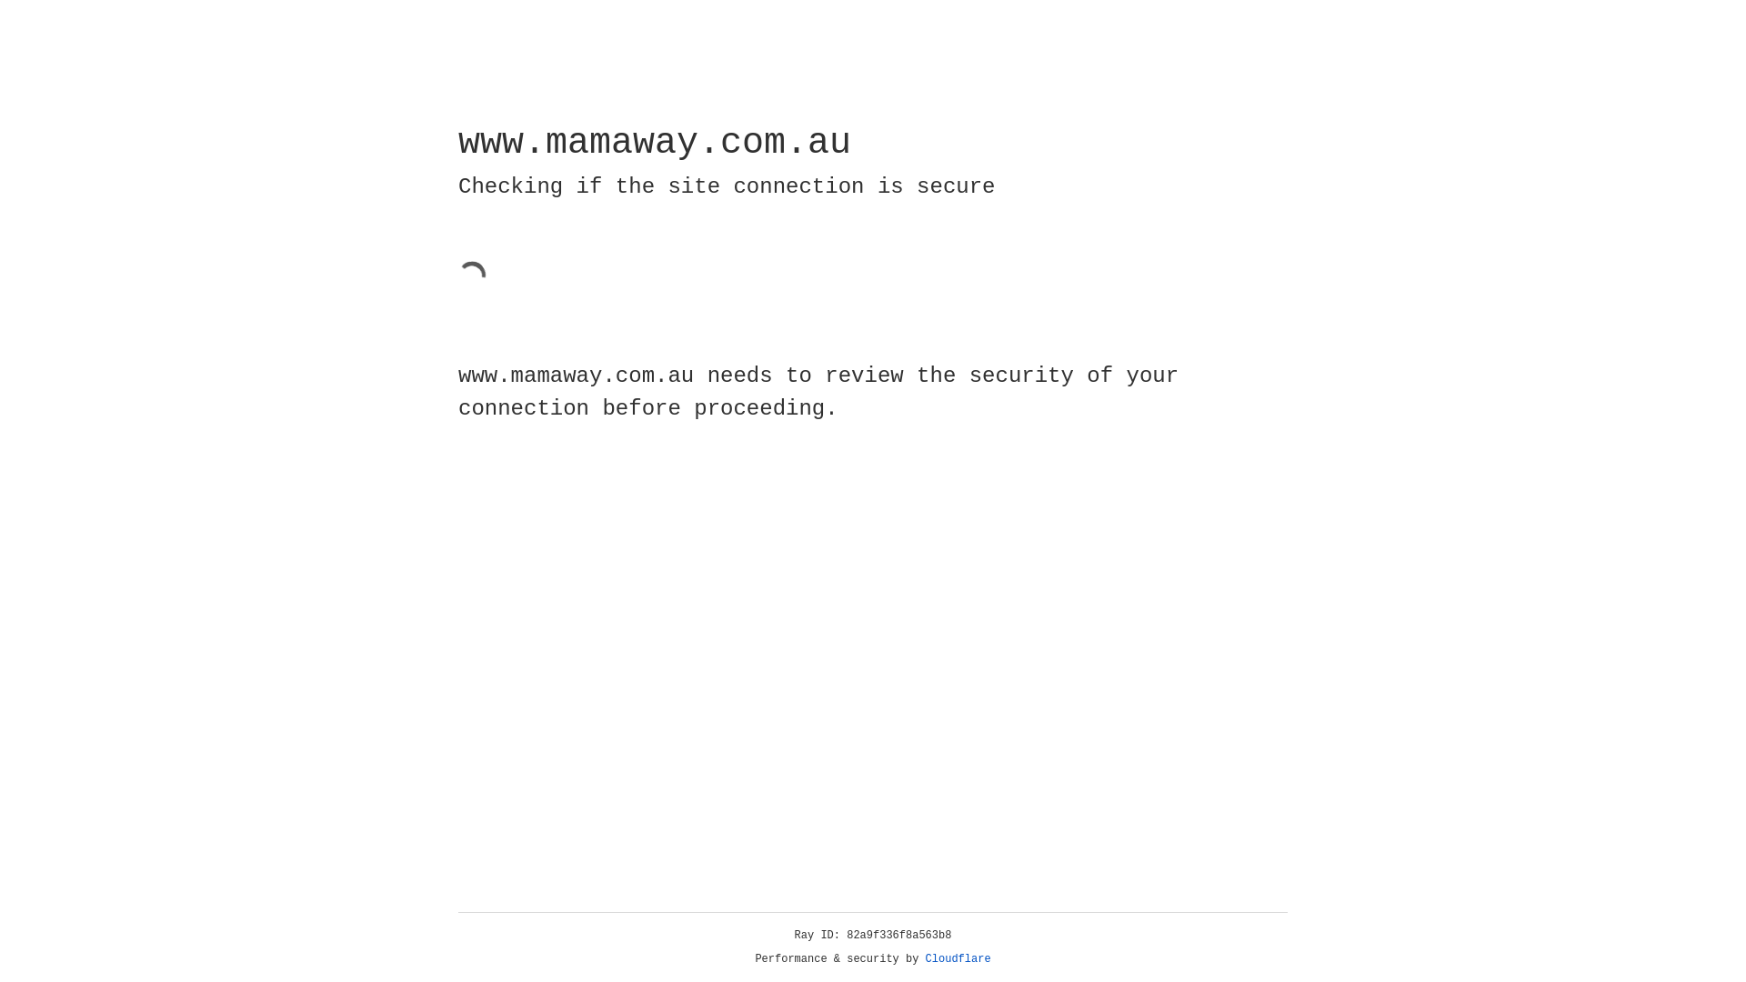 The image size is (1746, 982). Describe the element at coordinates (958, 958) in the screenshot. I see `'Cloudflare'` at that location.